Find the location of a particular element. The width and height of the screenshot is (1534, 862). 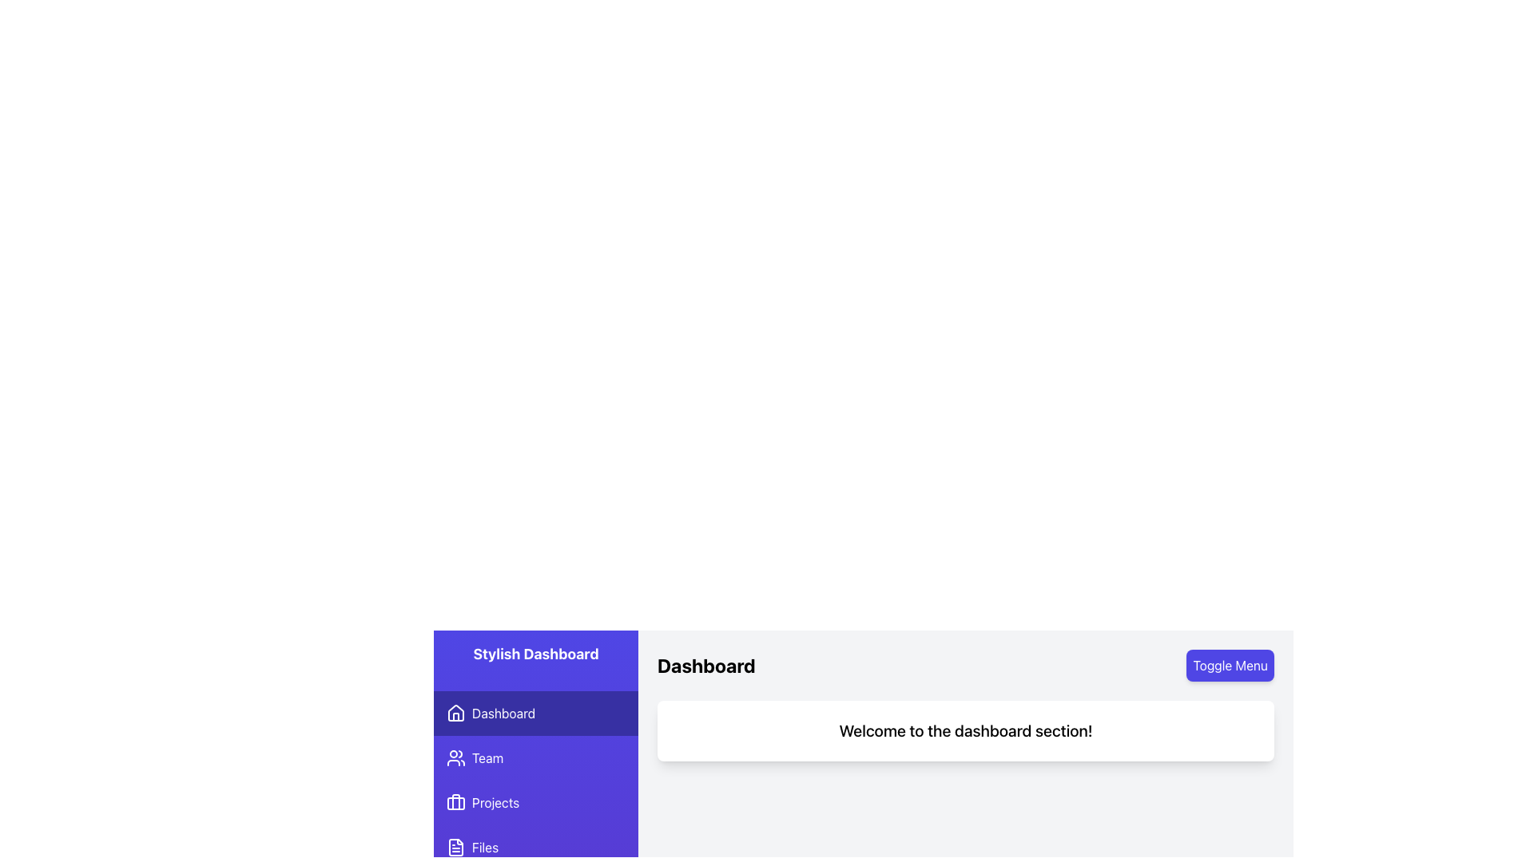

the 'Projects' button in the sidebar menu is located at coordinates (536, 803).